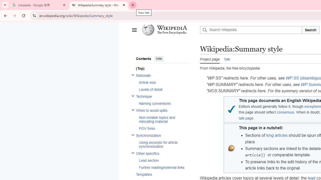  What do you see at coordinates (161, 82) in the screenshot?
I see `'AutomationID: toc-Rationale'` at bounding box center [161, 82].